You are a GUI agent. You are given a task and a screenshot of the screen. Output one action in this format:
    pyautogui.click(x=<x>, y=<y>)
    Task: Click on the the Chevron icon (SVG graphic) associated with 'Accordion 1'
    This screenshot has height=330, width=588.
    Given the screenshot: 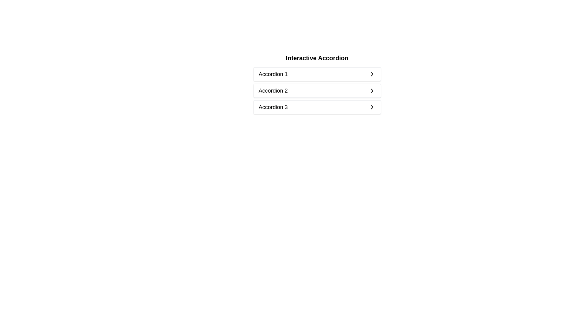 What is the action you would take?
    pyautogui.click(x=371, y=74)
    